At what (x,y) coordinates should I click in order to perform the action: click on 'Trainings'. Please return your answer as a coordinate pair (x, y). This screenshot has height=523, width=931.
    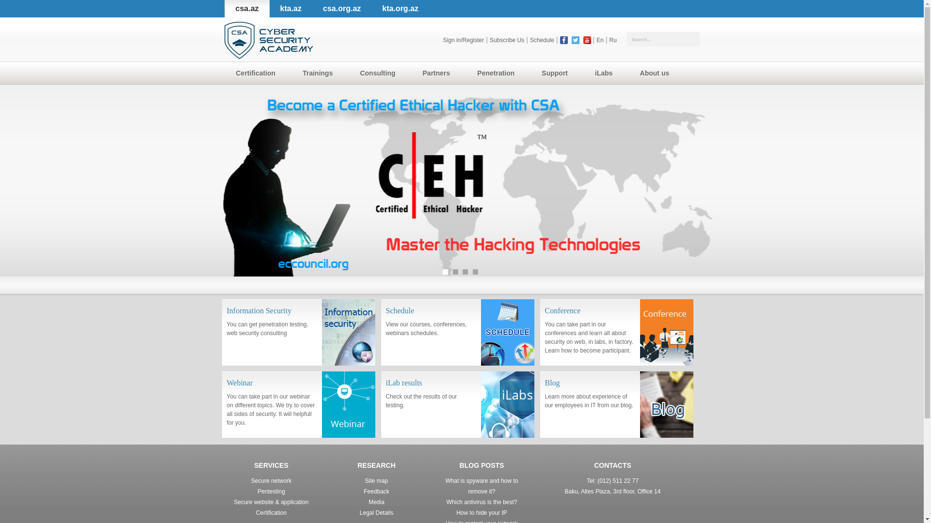
    Looking at the image, I should click on (319, 73).